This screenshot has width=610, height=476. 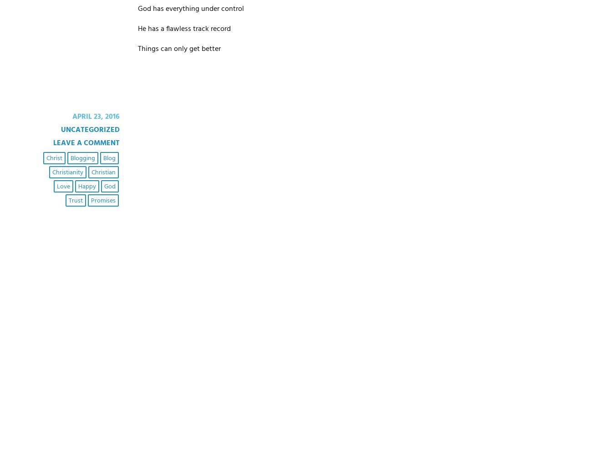 I want to click on 'God', so click(x=103, y=186).